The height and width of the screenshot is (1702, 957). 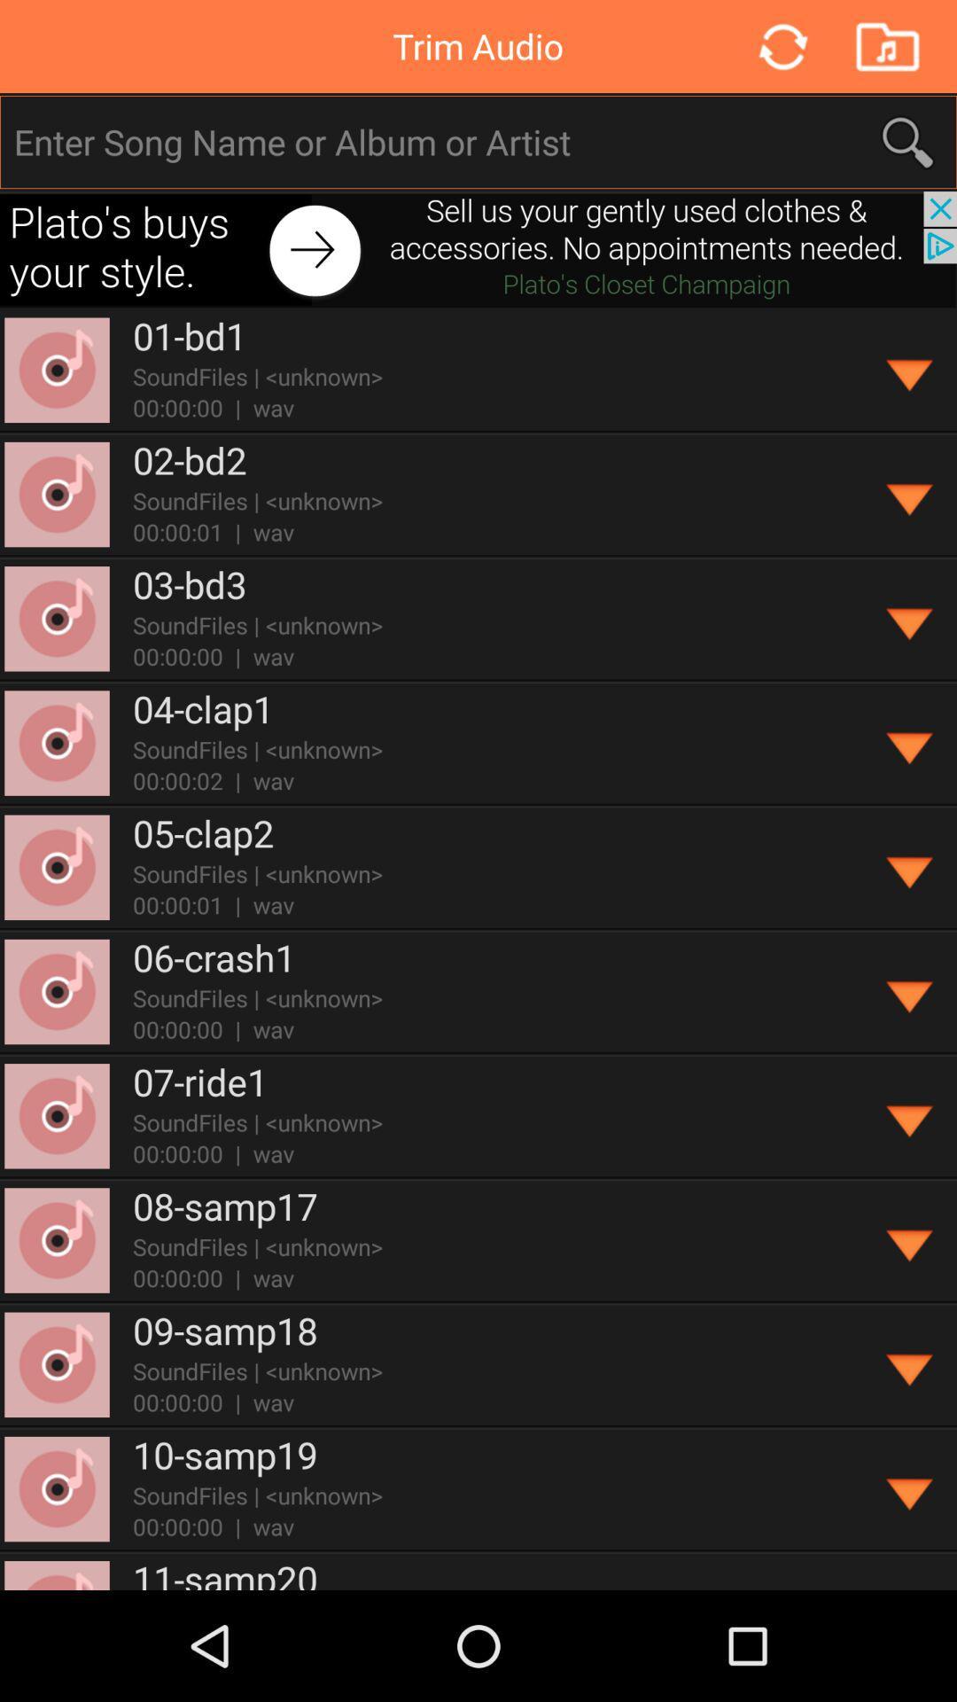 What do you see at coordinates (910, 1364) in the screenshot?
I see `see more` at bounding box center [910, 1364].